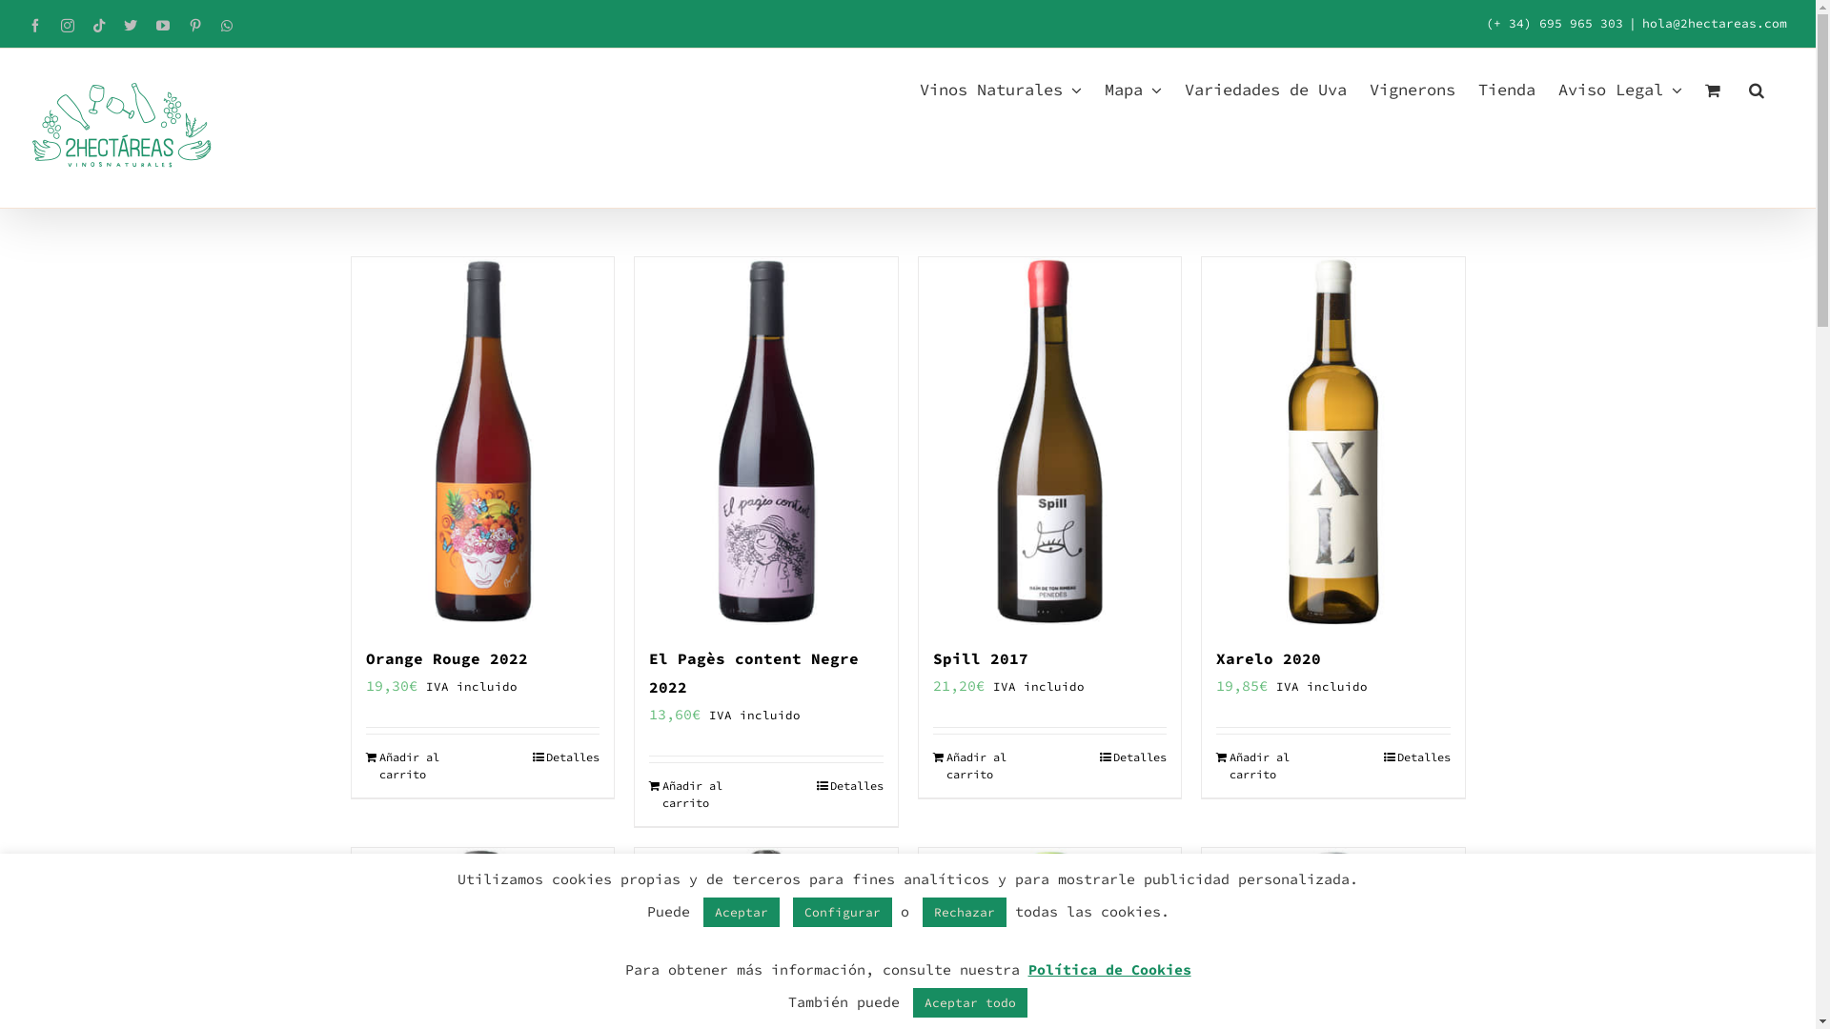  What do you see at coordinates (1505, 88) in the screenshot?
I see `'Tienda'` at bounding box center [1505, 88].